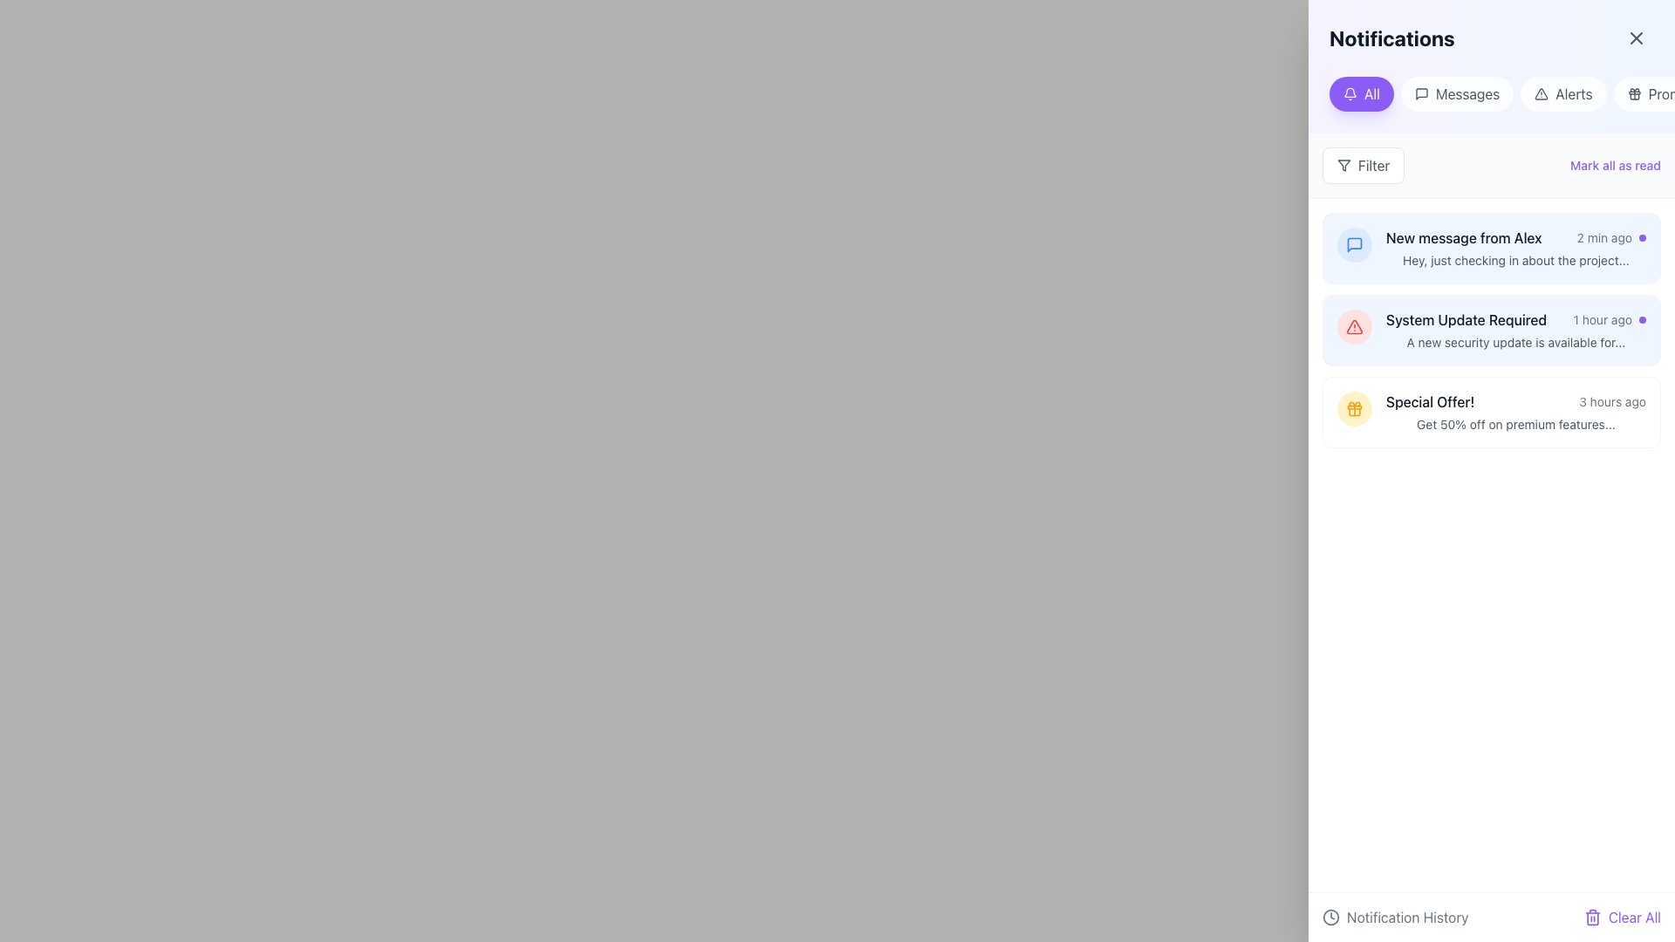  What do you see at coordinates (1562, 413) in the screenshot?
I see `the icon related to the notification that mentions 'Special Offer!'` at bounding box center [1562, 413].